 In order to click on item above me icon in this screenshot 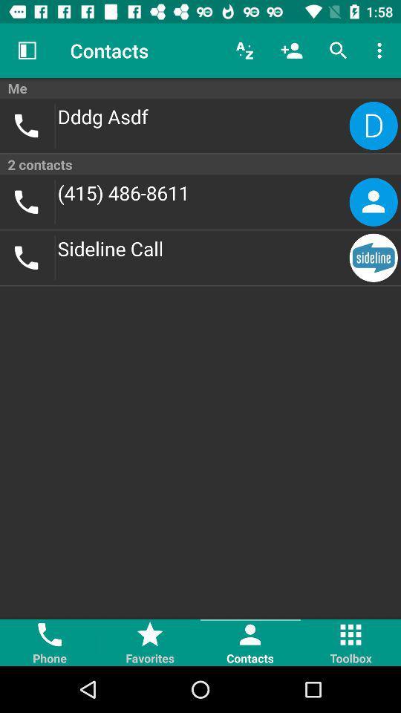, I will do `click(338, 51)`.